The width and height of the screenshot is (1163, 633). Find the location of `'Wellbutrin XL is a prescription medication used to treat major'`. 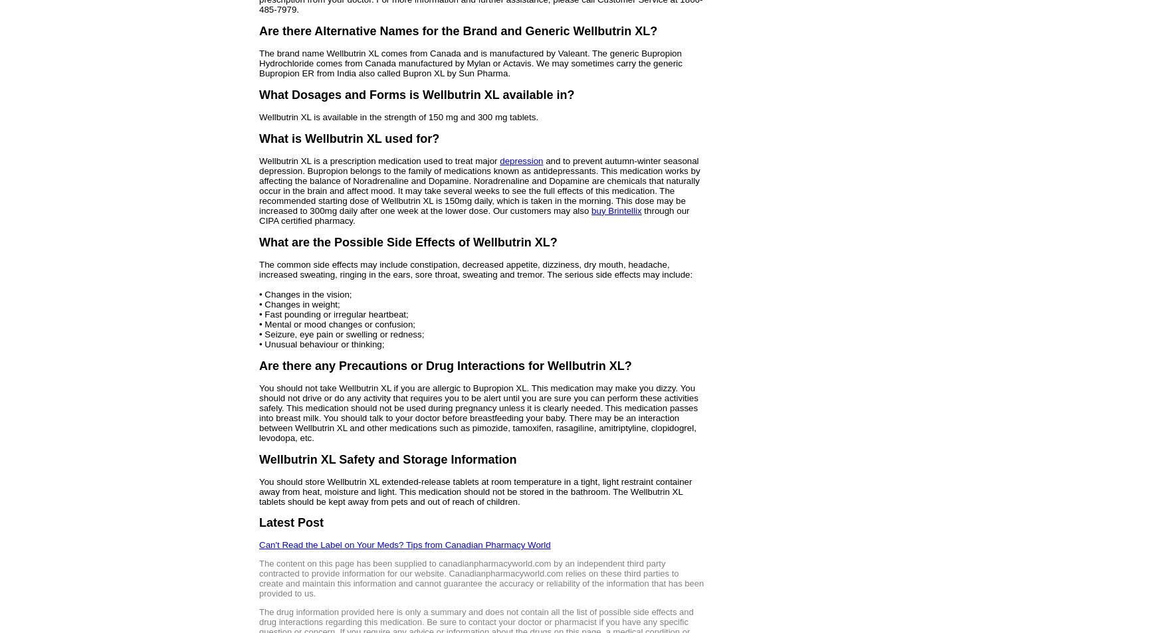

'Wellbutrin XL is a prescription medication used to treat major' is located at coordinates (379, 159).